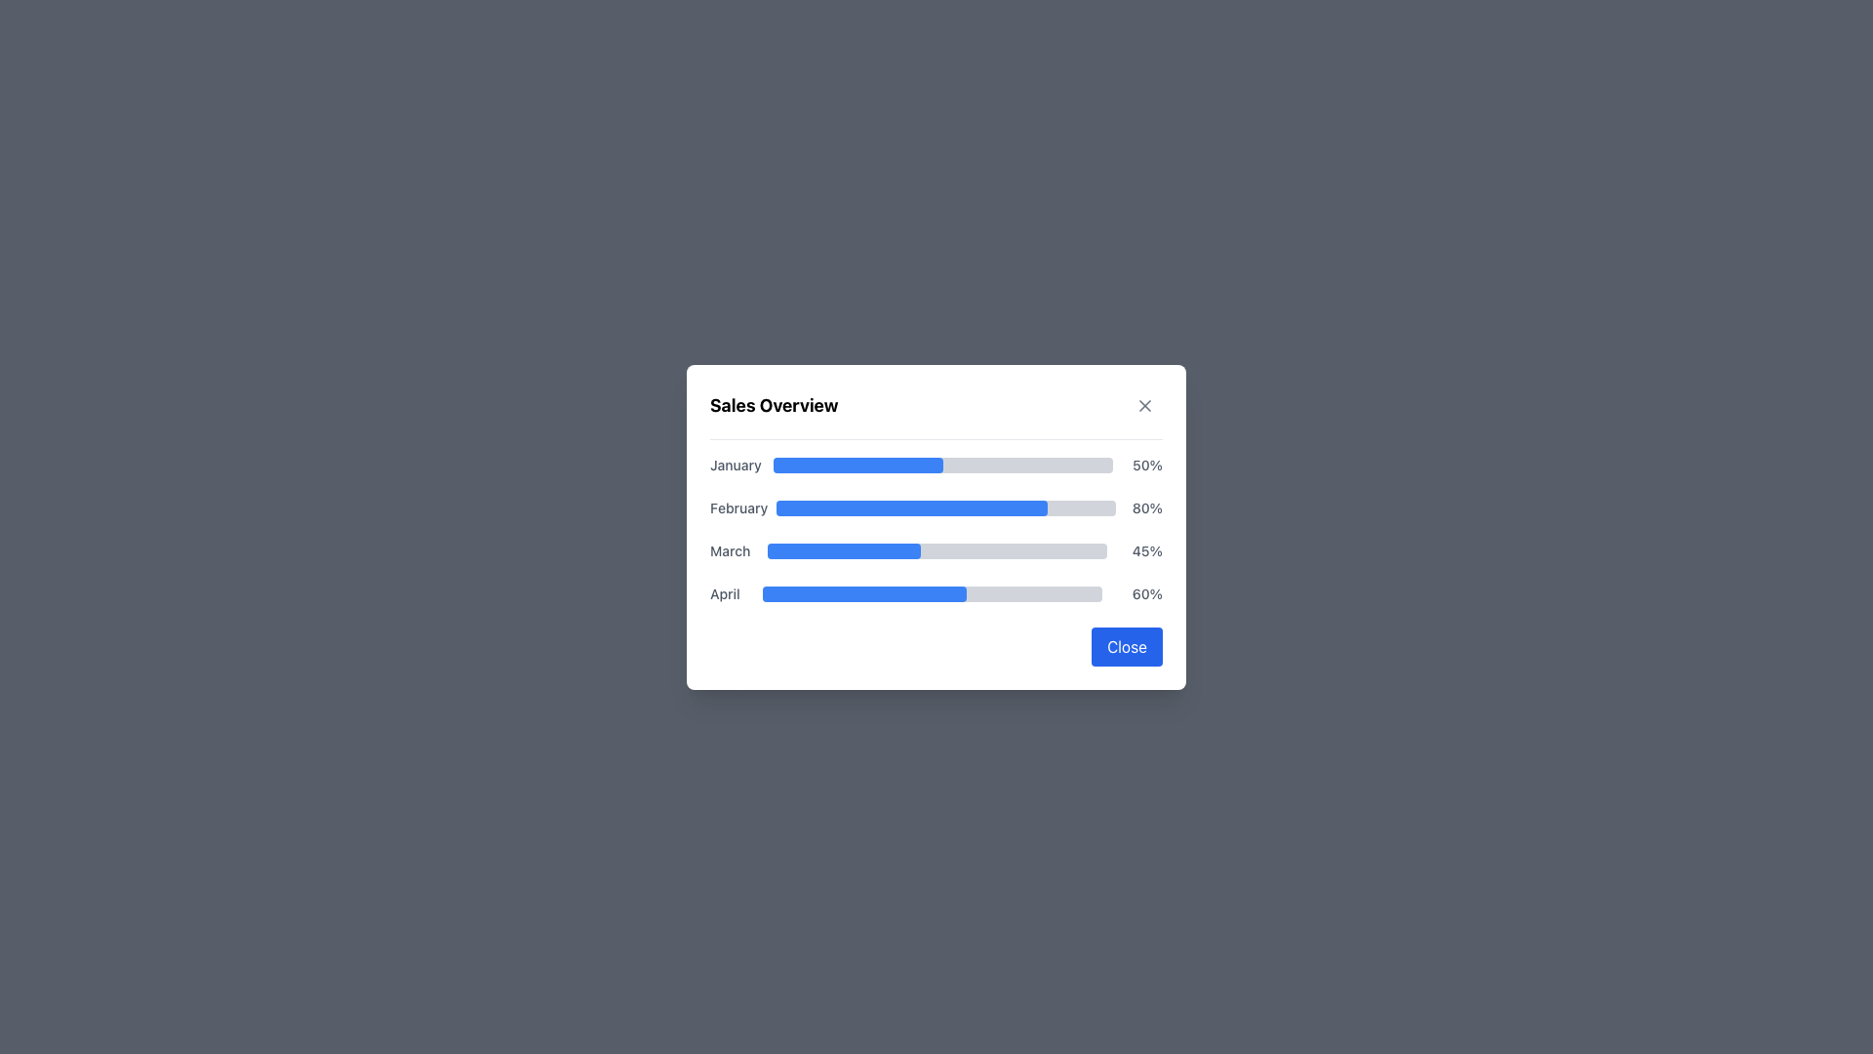 The height and width of the screenshot is (1054, 1873). Describe the element at coordinates (1143, 465) in the screenshot. I see `the static label text displaying '50%' located on the right edge of the horizontal bar for 'January' in the 'Sales Overview' card` at that location.